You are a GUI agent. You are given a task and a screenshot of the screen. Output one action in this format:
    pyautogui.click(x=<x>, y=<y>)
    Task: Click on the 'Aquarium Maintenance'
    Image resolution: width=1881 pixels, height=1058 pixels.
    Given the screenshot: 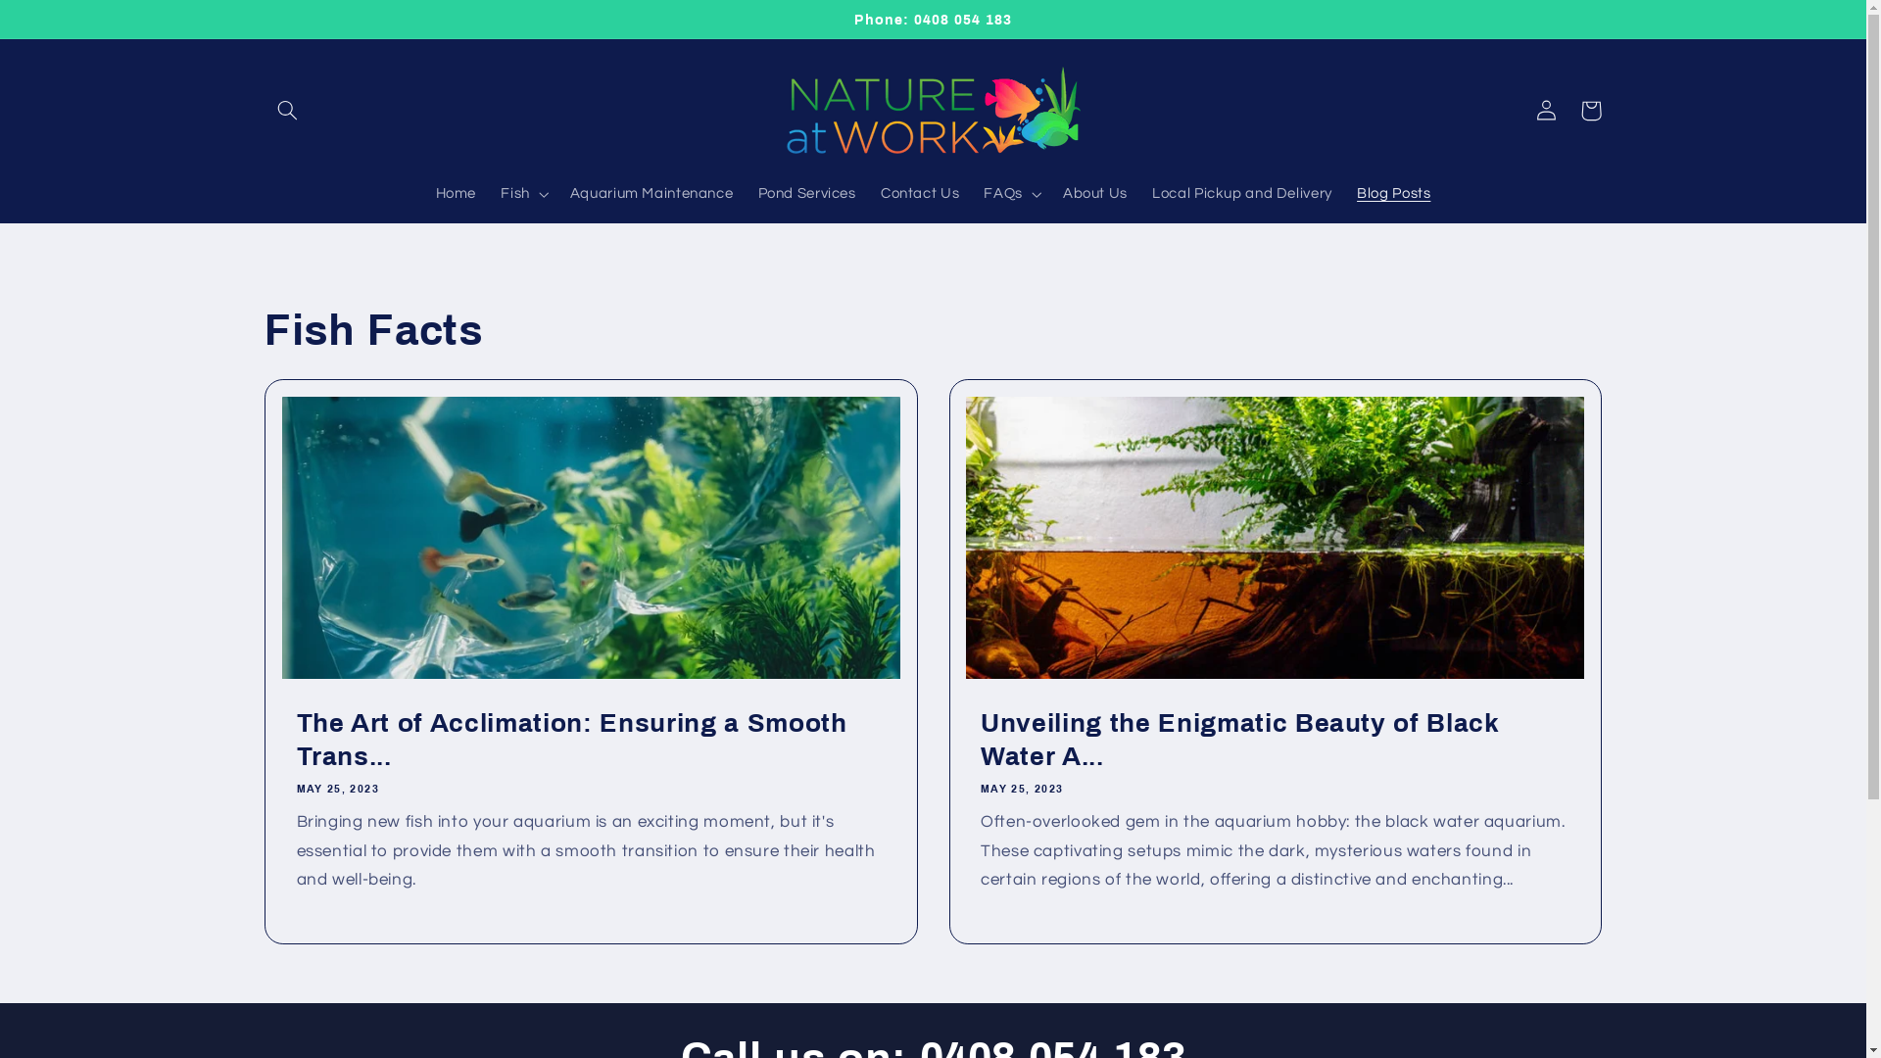 What is the action you would take?
    pyautogui.click(x=651, y=193)
    